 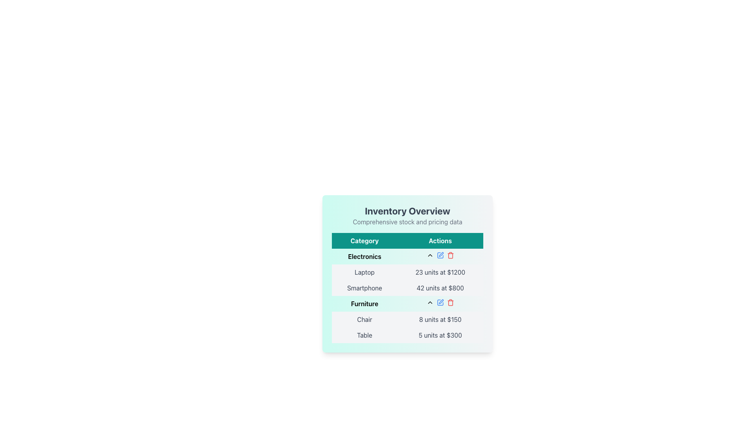 I want to click on the text element displaying '8 units at $150' which is part of the furniture inventory detailed view, positioned to the right of the 'Chair' label, so click(x=440, y=320).